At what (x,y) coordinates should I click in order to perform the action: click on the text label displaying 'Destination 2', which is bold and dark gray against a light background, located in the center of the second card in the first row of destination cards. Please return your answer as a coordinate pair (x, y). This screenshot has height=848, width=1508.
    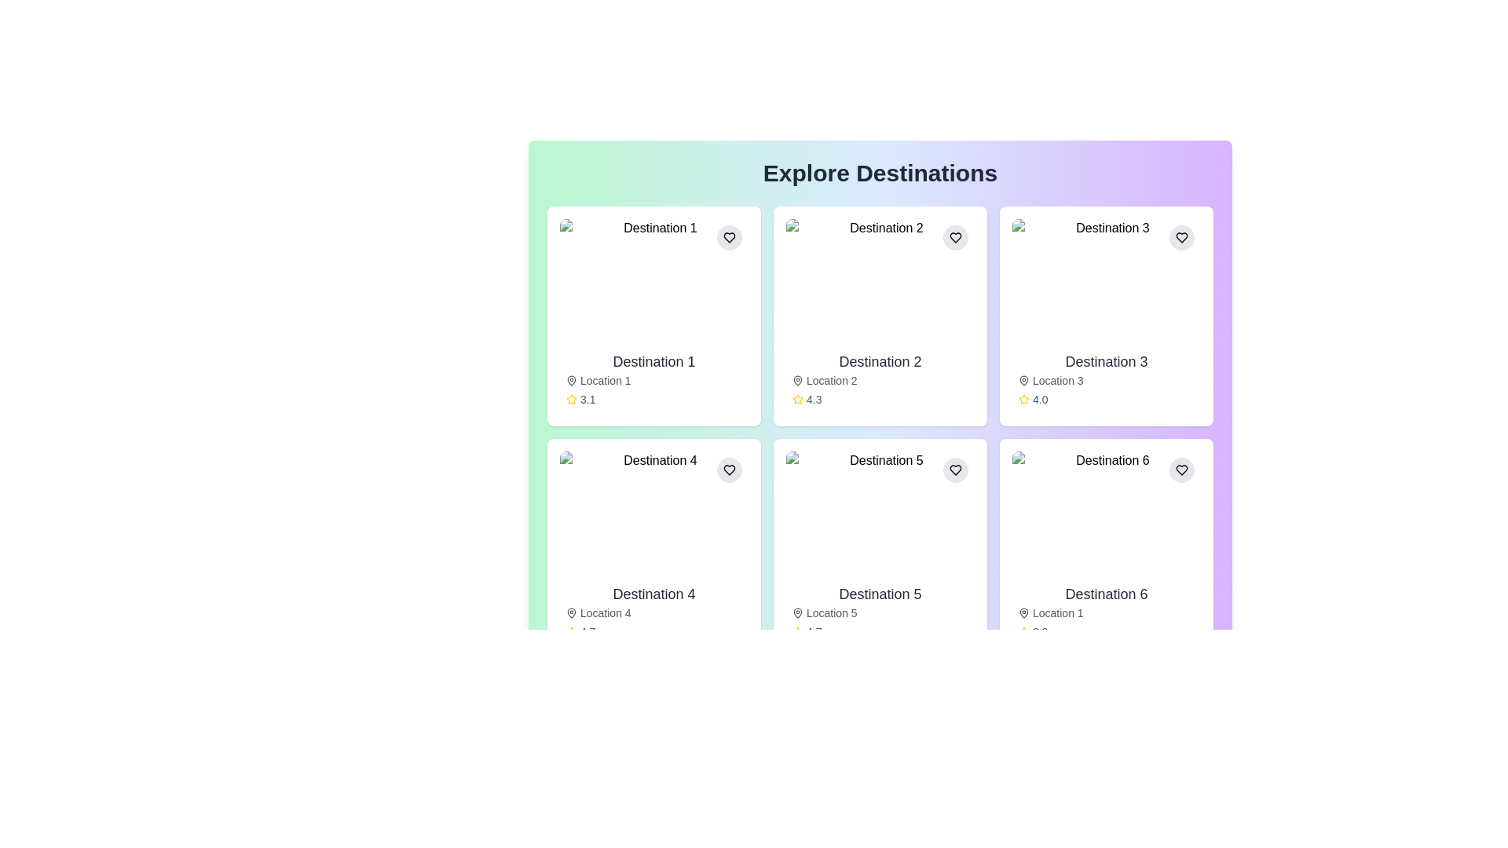
    Looking at the image, I should click on (880, 362).